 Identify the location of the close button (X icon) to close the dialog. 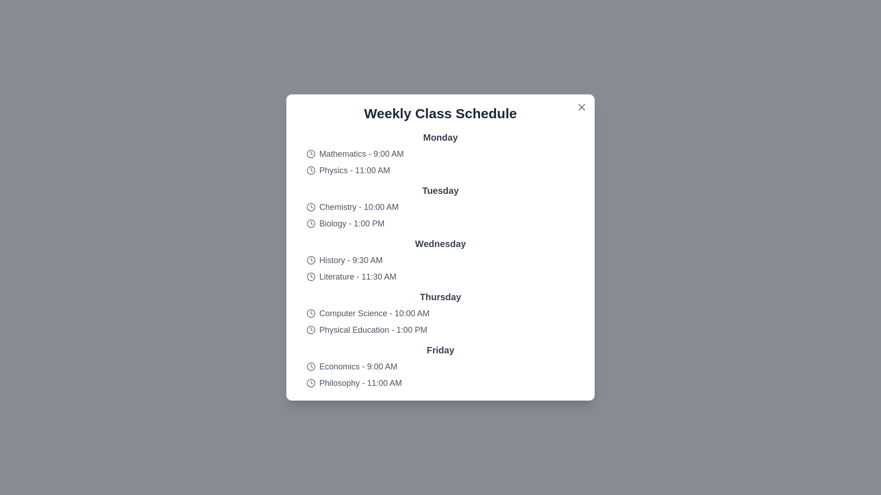
(581, 107).